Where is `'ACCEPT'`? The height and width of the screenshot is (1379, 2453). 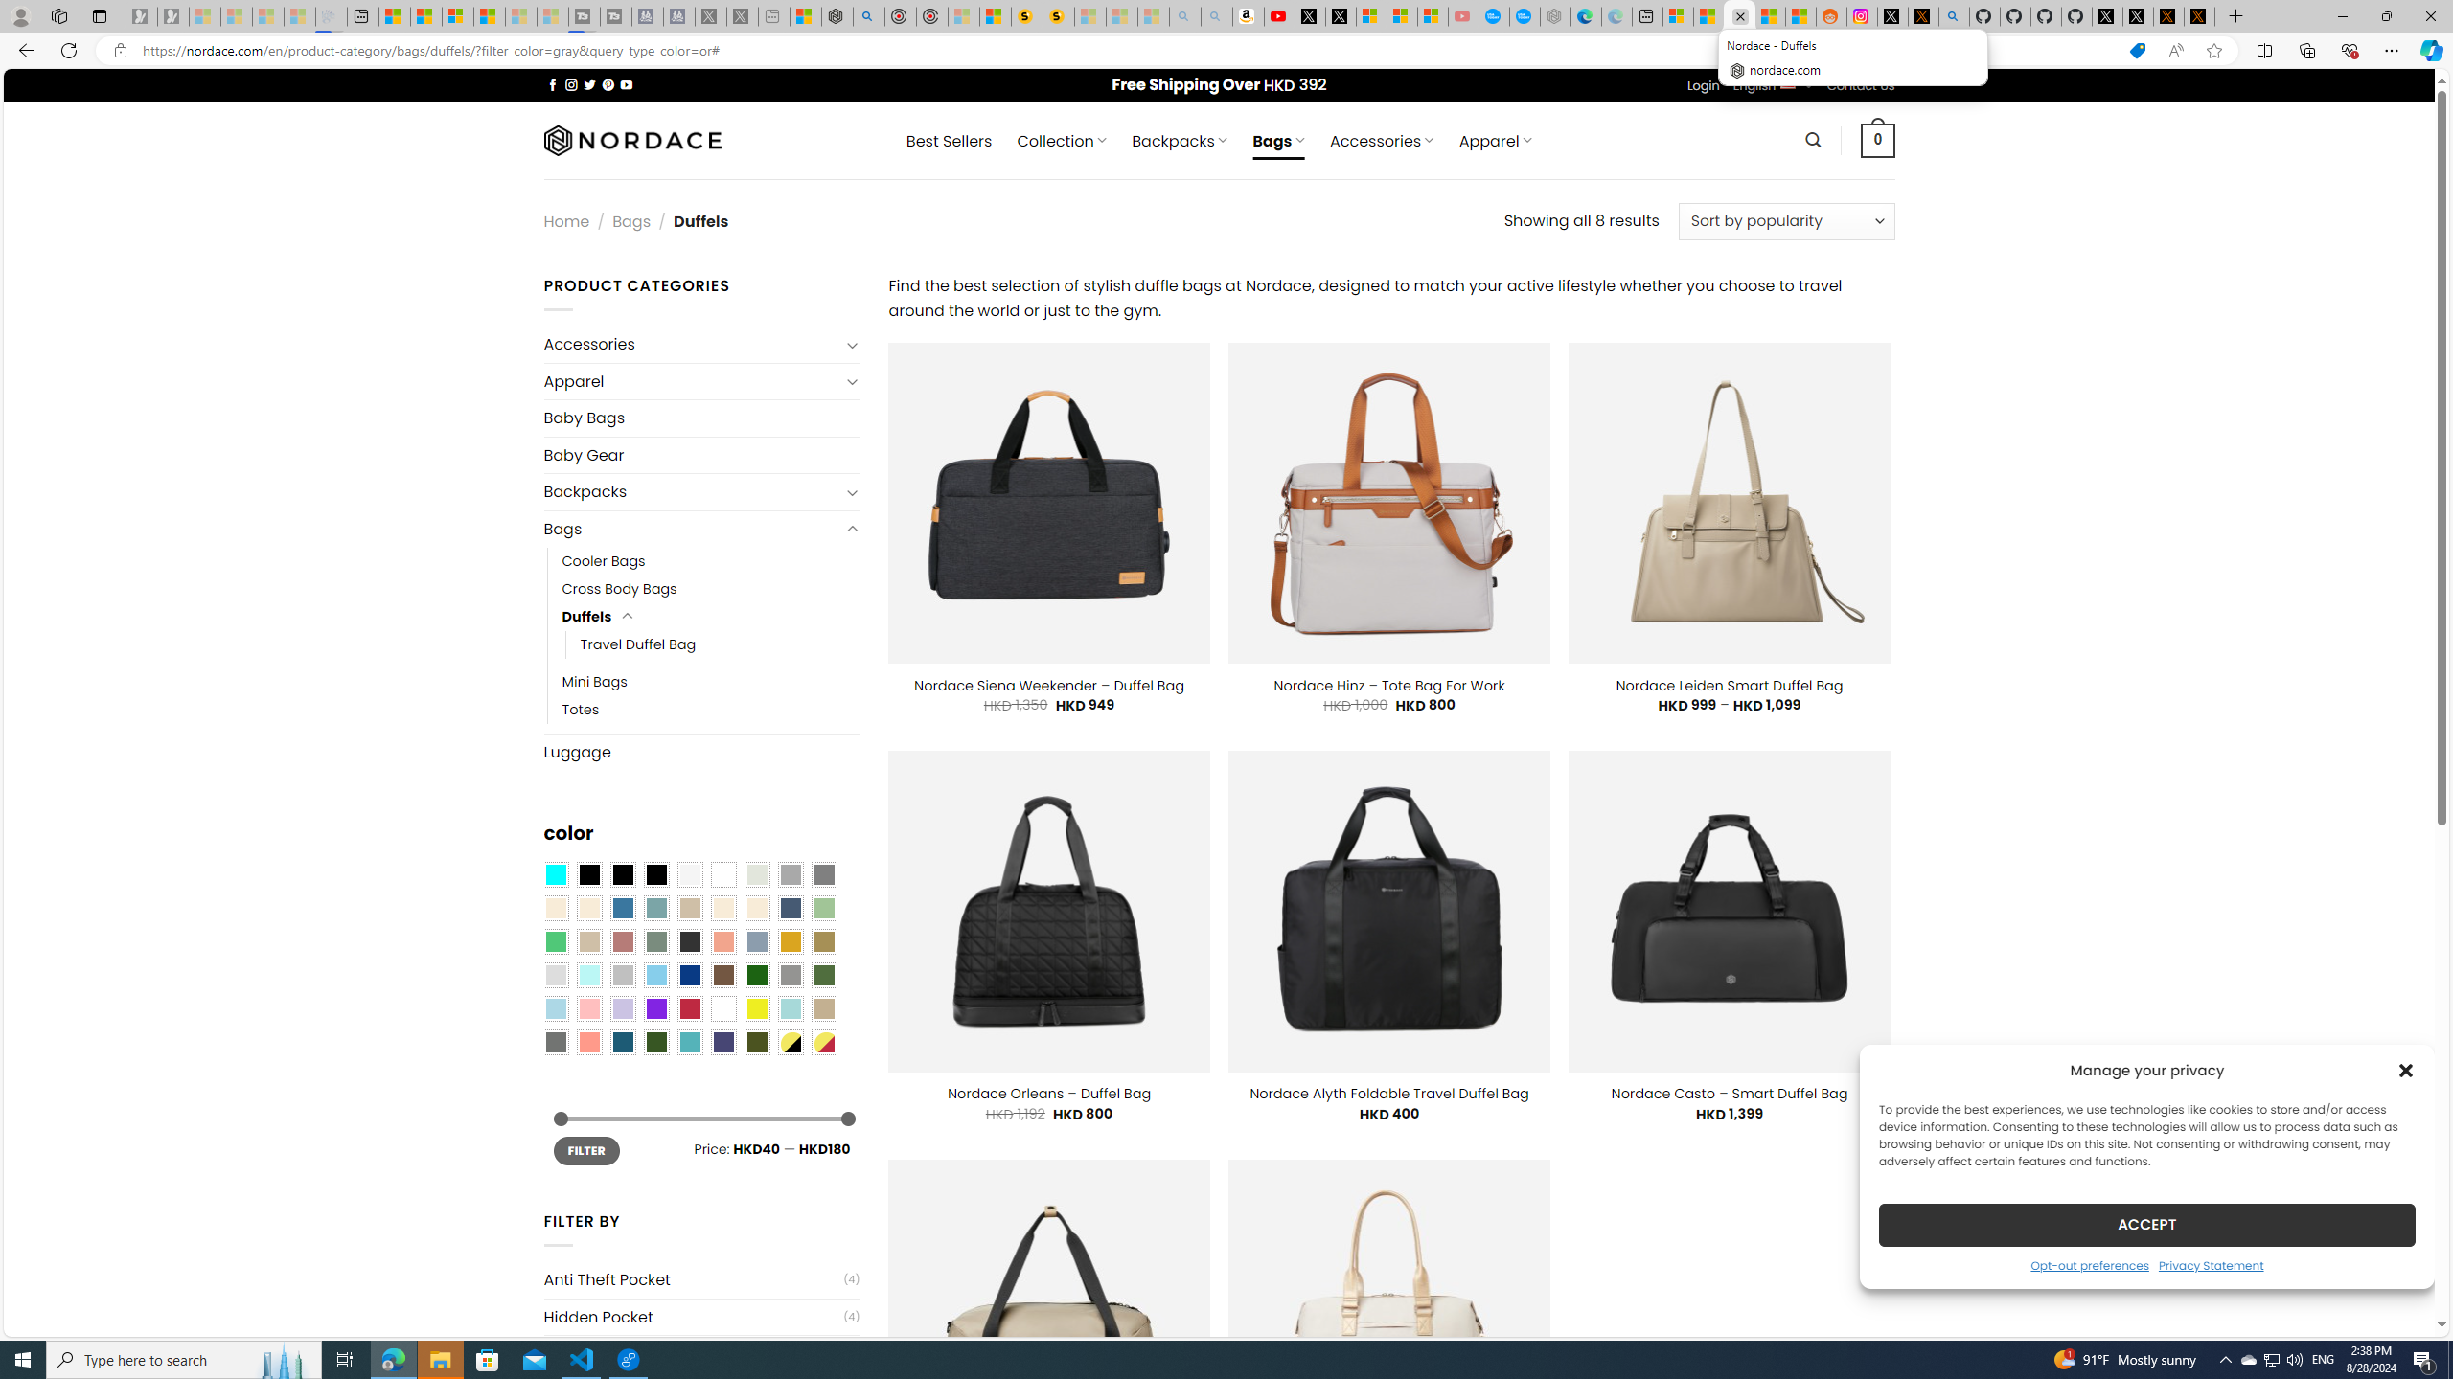
'ACCEPT' is located at coordinates (2147, 1224).